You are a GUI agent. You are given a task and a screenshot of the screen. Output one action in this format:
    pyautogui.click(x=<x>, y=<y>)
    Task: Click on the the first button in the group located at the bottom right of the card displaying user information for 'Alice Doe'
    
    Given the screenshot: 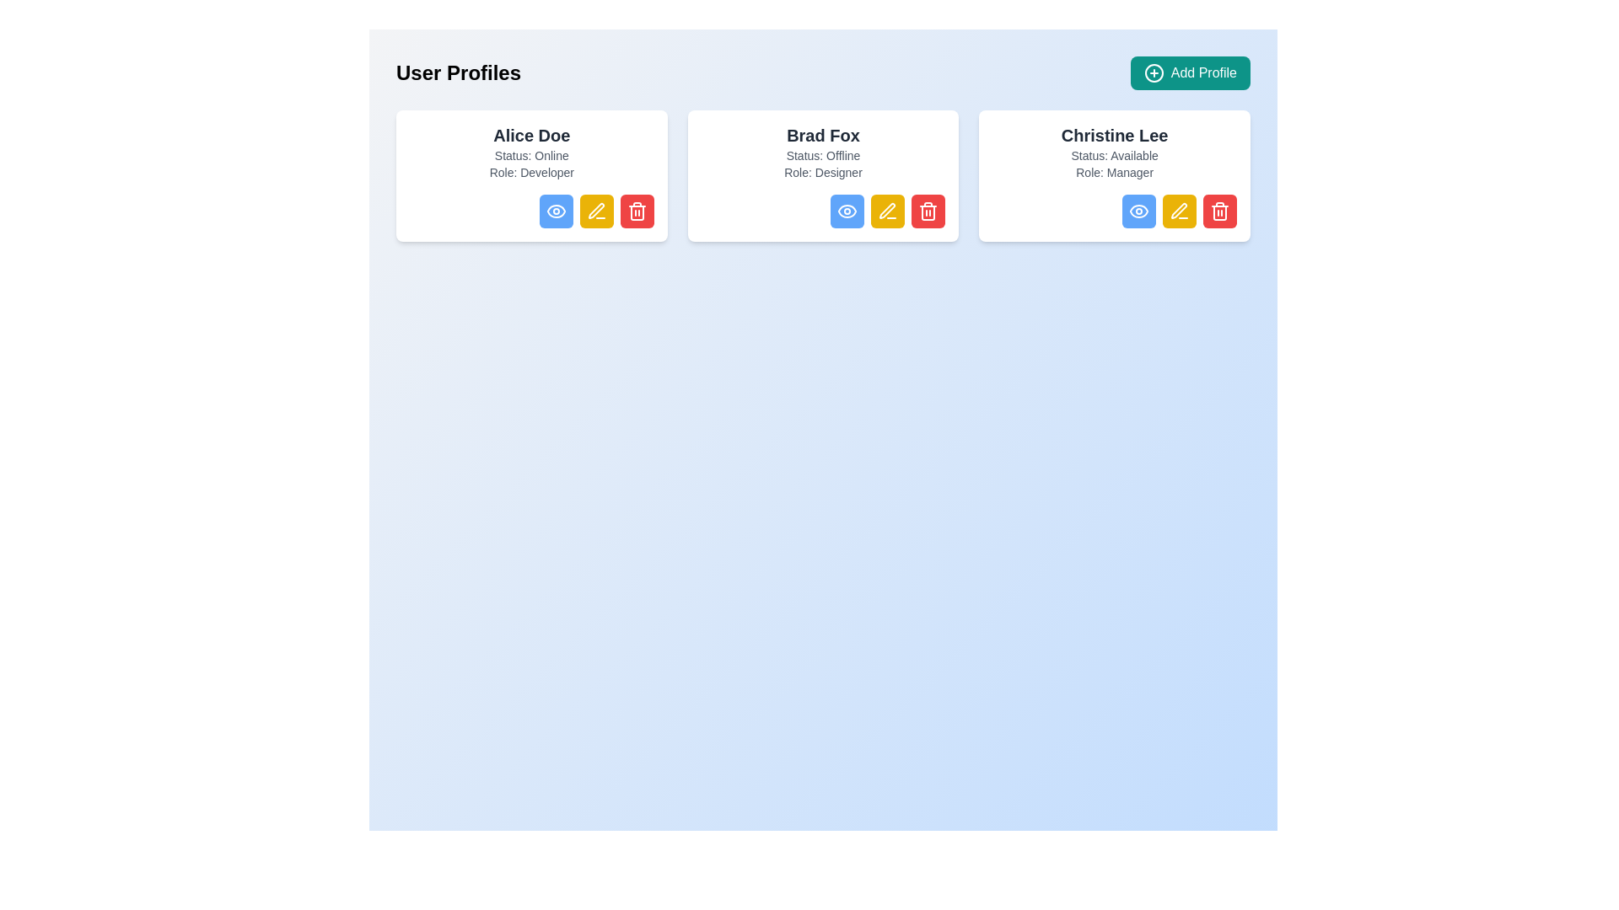 What is the action you would take?
    pyautogui.click(x=530, y=210)
    